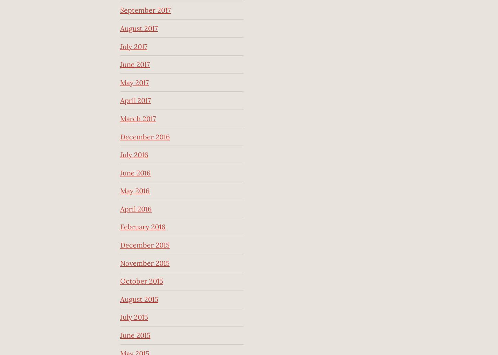 This screenshot has height=355, width=498. Describe the element at coordinates (144, 245) in the screenshot. I see `'December 2015'` at that location.